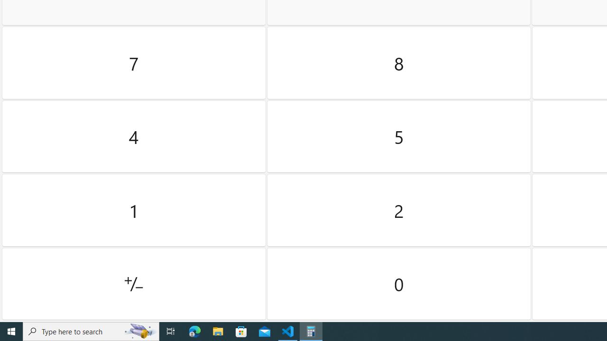 The height and width of the screenshot is (341, 607). Describe the element at coordinates (91, 331) in the screenshot. I see `'Type here to search'` at that location.